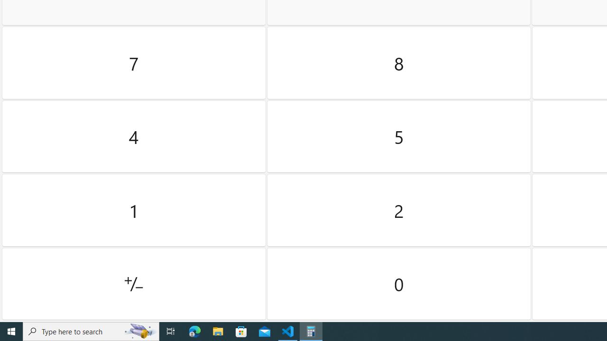 The height and width of the screenshot is (341, 607). Describe the element at coordinates (91, 331) in the screenshot. I see `'Type here to search'` at that location.